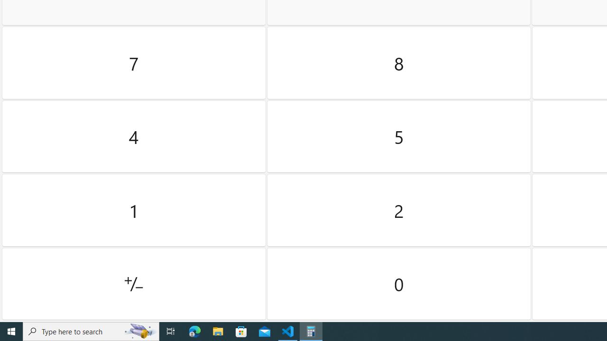 The height and width of the screenshot is (341, 607). Describe the element at coordinates (91, 331) in the screenshot. I see `'Type here to search'` at that location.